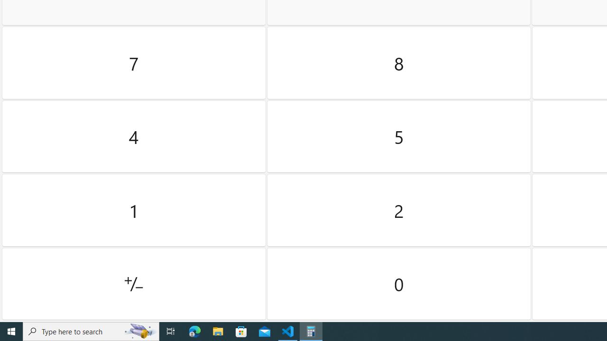 The height and width of the screenshot is (341, 607). Describe the element at coordinates (91, 331) in the screenshot. I see `'Type here to search'` at that location.